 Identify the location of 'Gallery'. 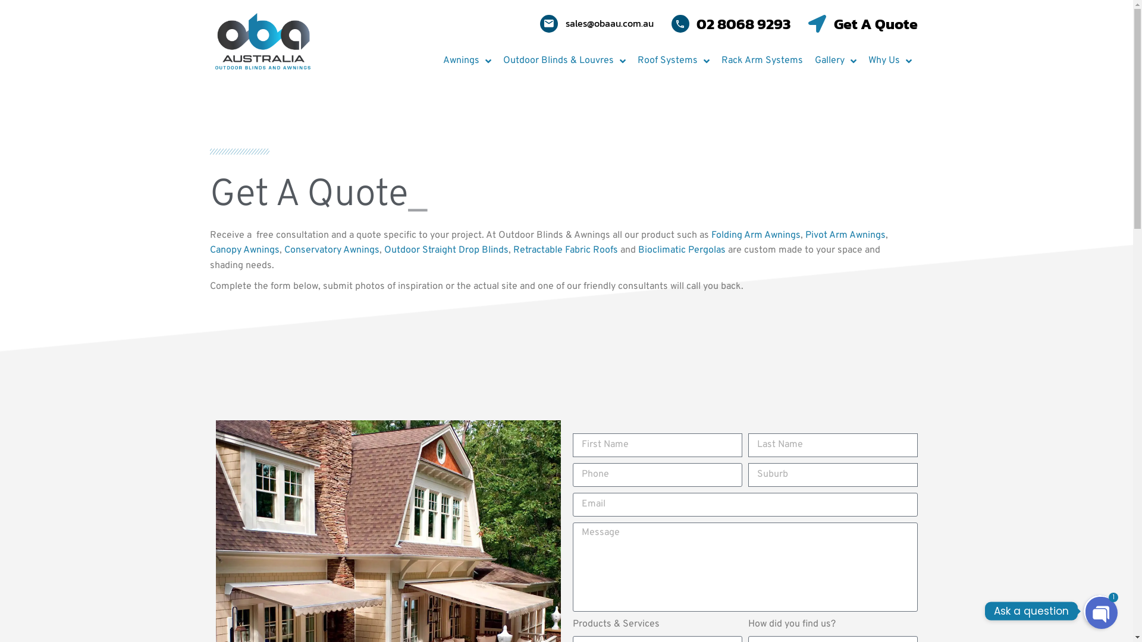
(835, 61).